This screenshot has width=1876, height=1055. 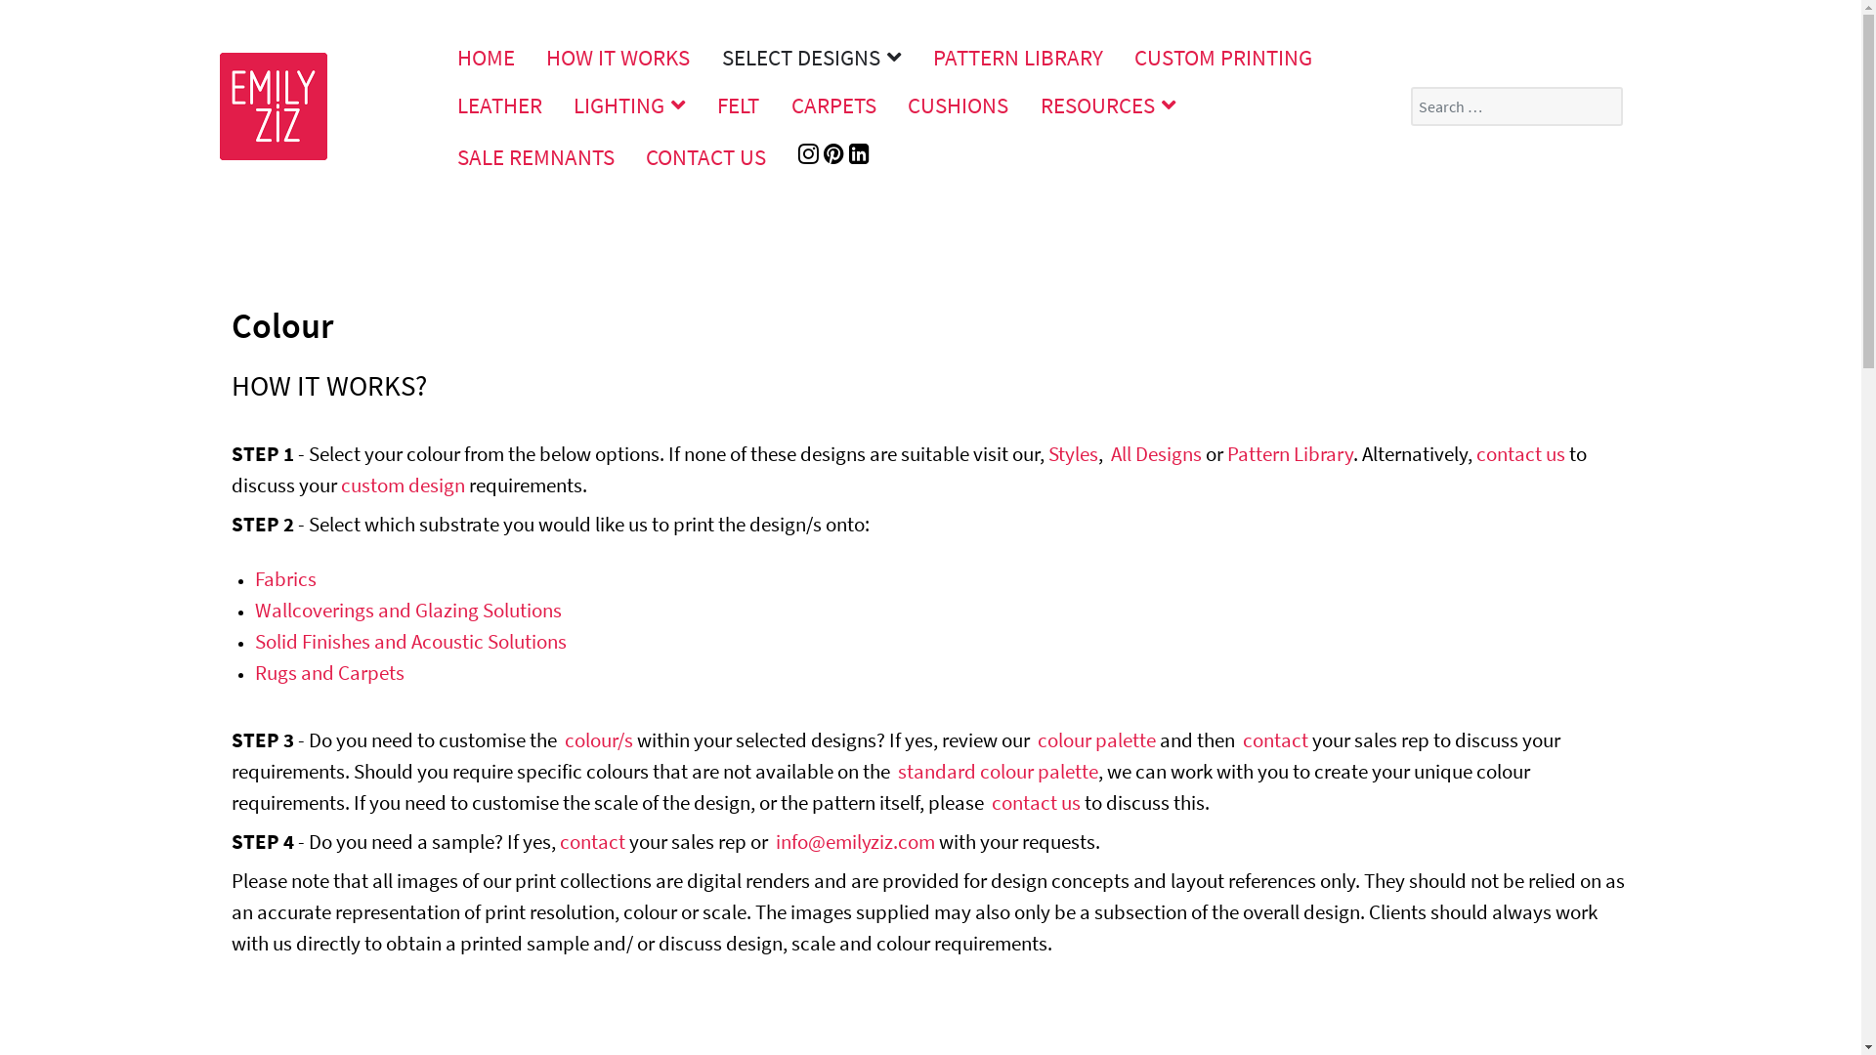 I want to click on 'HOME', so click(x=486, y=56).